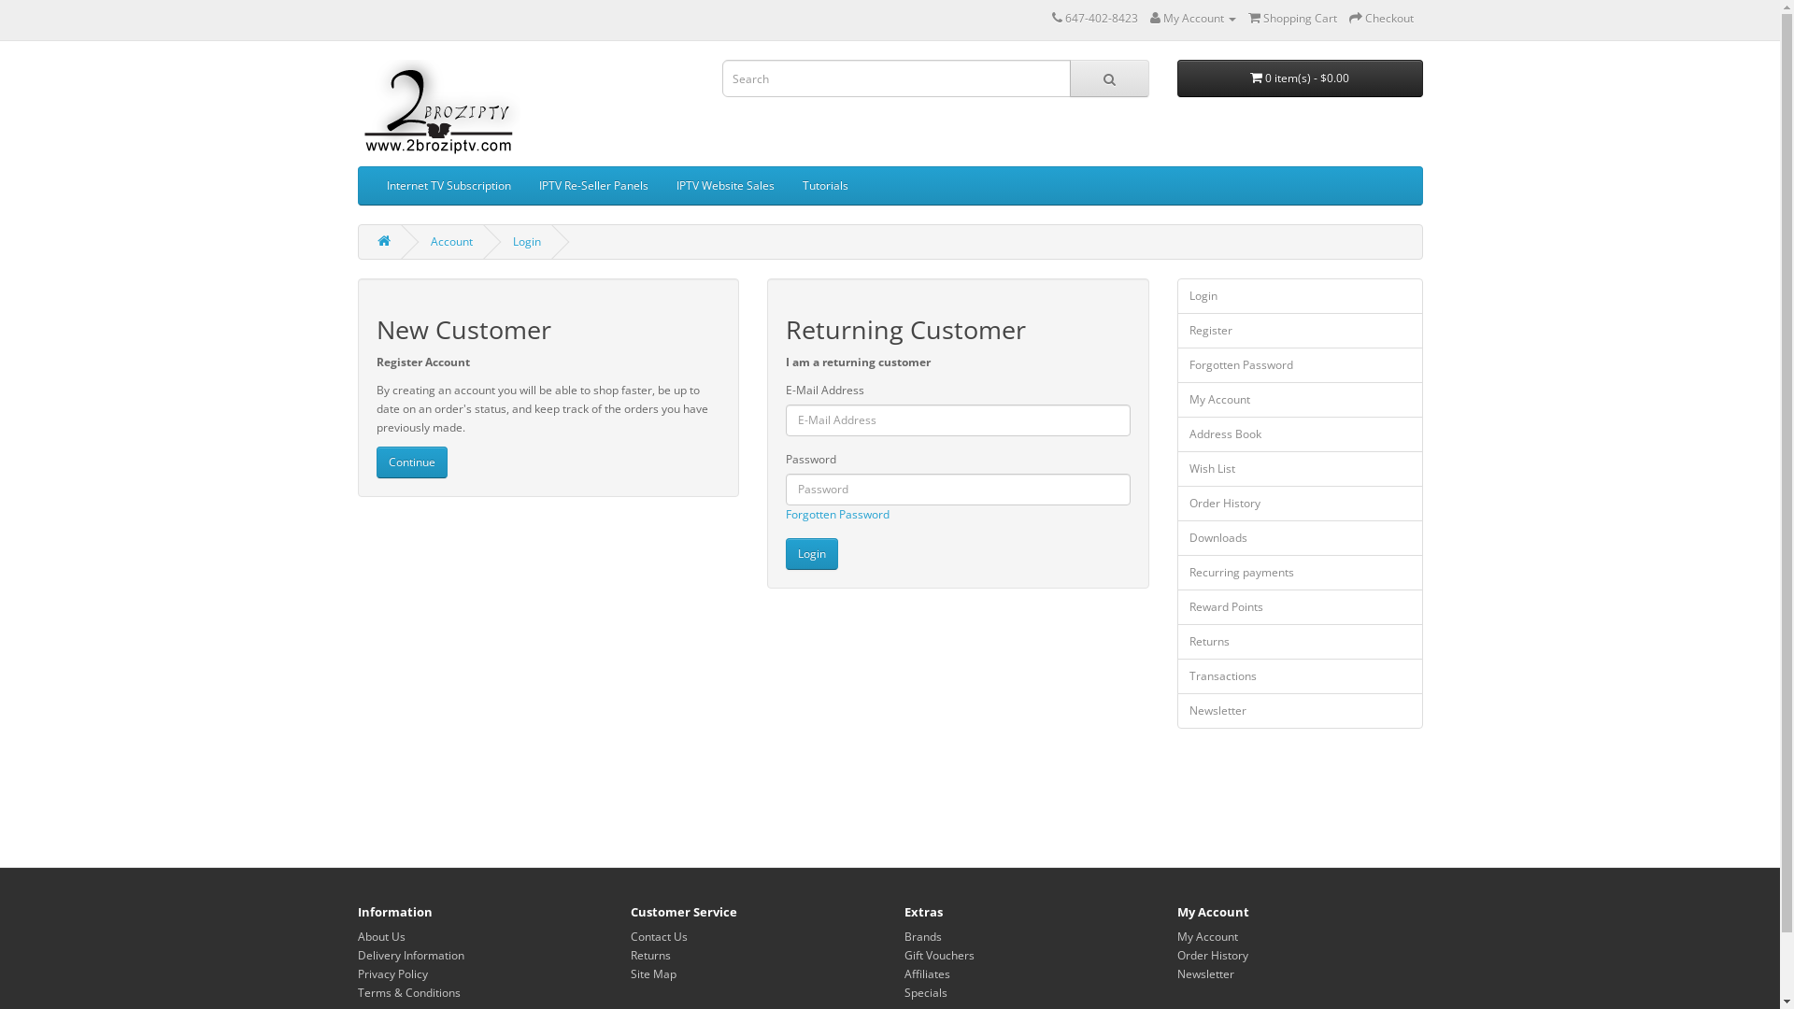 This screenshot has height=1009, width=1794. What do you see at coordinates (437, 107) in the screenshot?
I see `'2broziptv'` at bounding box center [437, 107].